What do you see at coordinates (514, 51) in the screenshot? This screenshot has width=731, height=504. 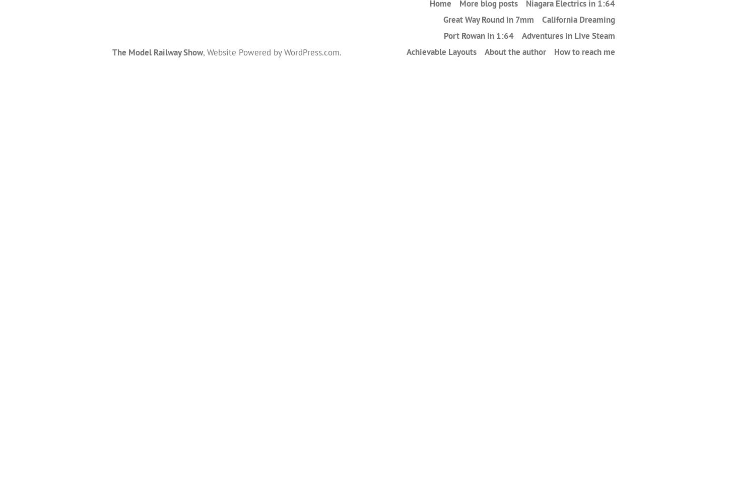 I see `'About the author'` at bounding box center [514, 51].